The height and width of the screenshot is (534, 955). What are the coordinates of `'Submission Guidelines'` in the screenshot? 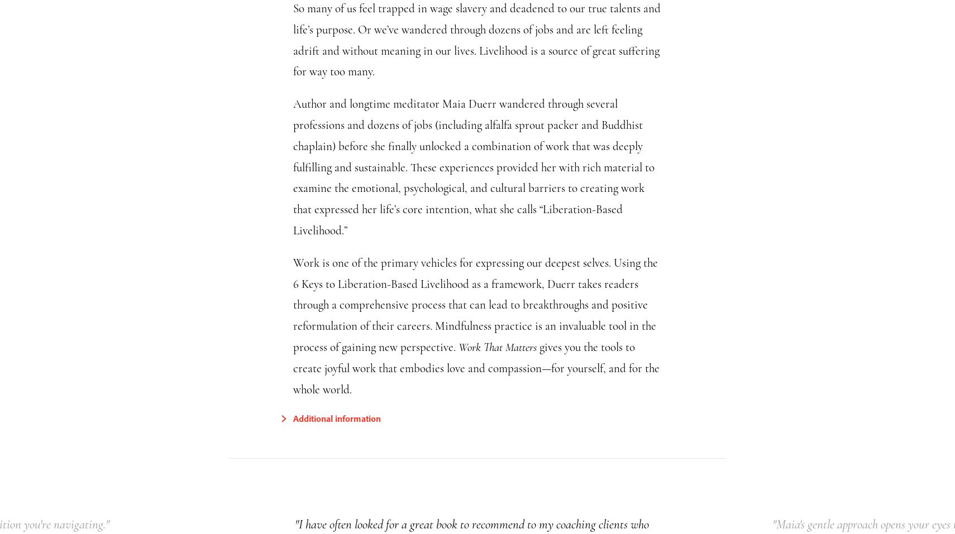 It's located at (365, 468).